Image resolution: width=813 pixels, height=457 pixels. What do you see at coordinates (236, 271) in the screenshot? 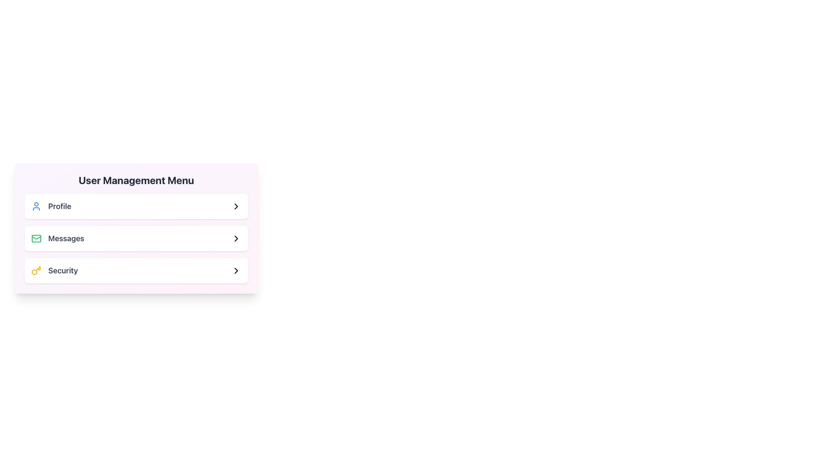
I see `the arrow icon located in the last menu item labeled 'Security', positioned on the far-right side of the menu` at bounding box center [236, 271].